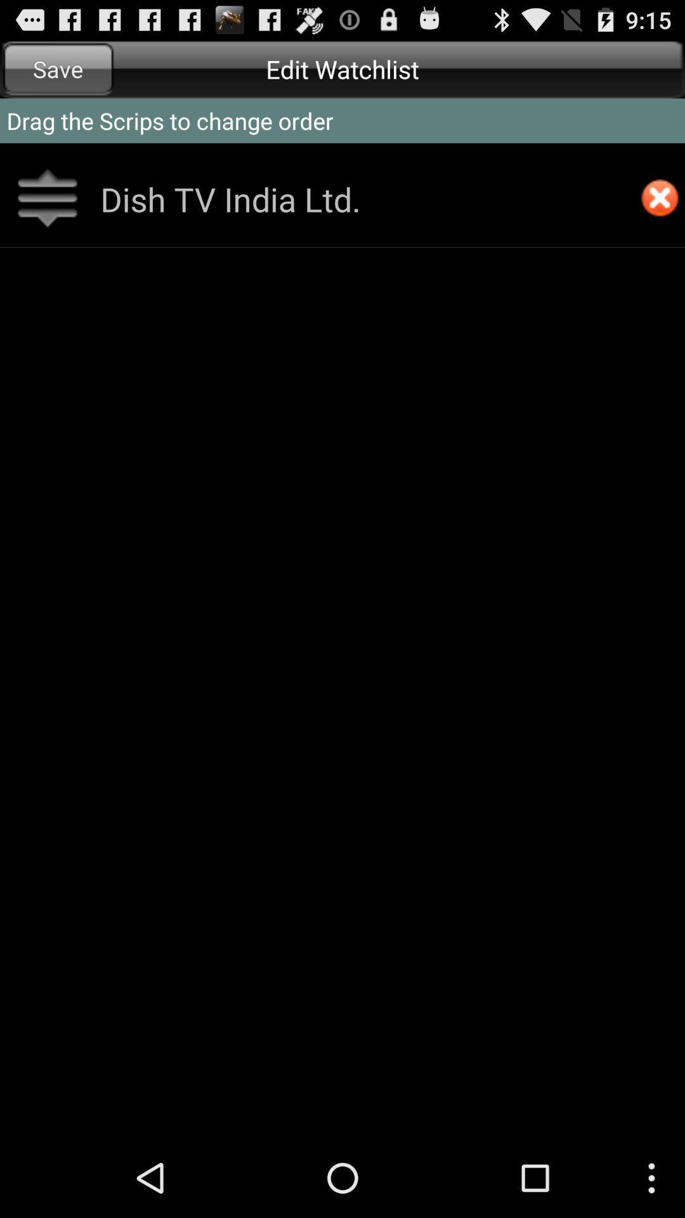  Describe the element at coordinates (659, 199) in the screenshot. I see `icon to the right of dish tv india icon` at that location.